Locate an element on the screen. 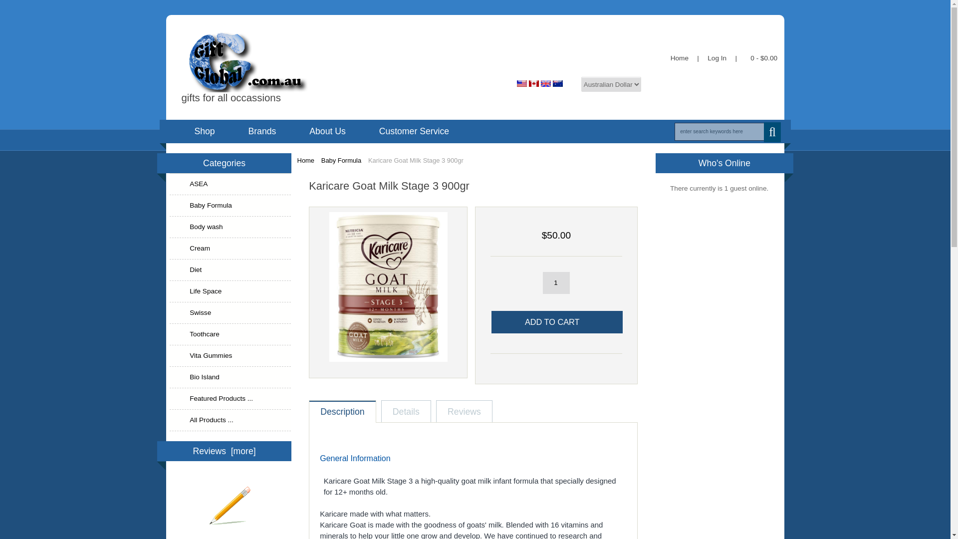 This screenshot has height=539, width=958. '0 - $0.00' is located at coordinates (761, 58).